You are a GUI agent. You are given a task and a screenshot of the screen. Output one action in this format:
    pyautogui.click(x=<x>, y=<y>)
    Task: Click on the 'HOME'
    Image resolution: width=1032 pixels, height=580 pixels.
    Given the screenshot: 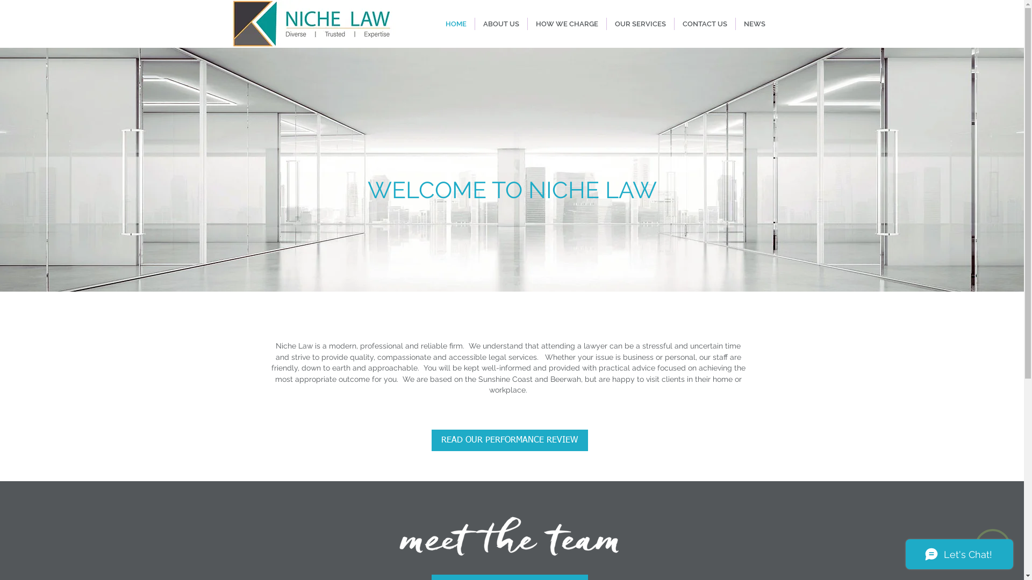 What is the action you would take?
    pyautogui.click(x=456, y=24)
    